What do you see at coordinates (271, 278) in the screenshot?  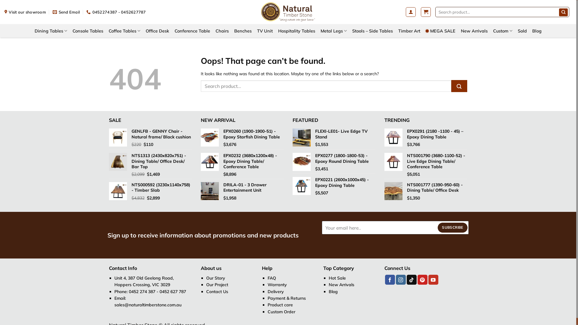 I see `'FAQ'` at bounding box center [271, 278].